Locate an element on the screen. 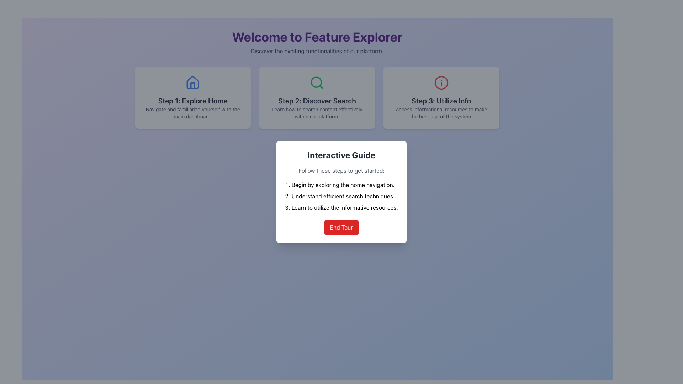  the text label that says 'Navigate and familiarize yourself with the main dashboard.' which is styled in gray color and located within a white card background is located at coordinates (193, 112).